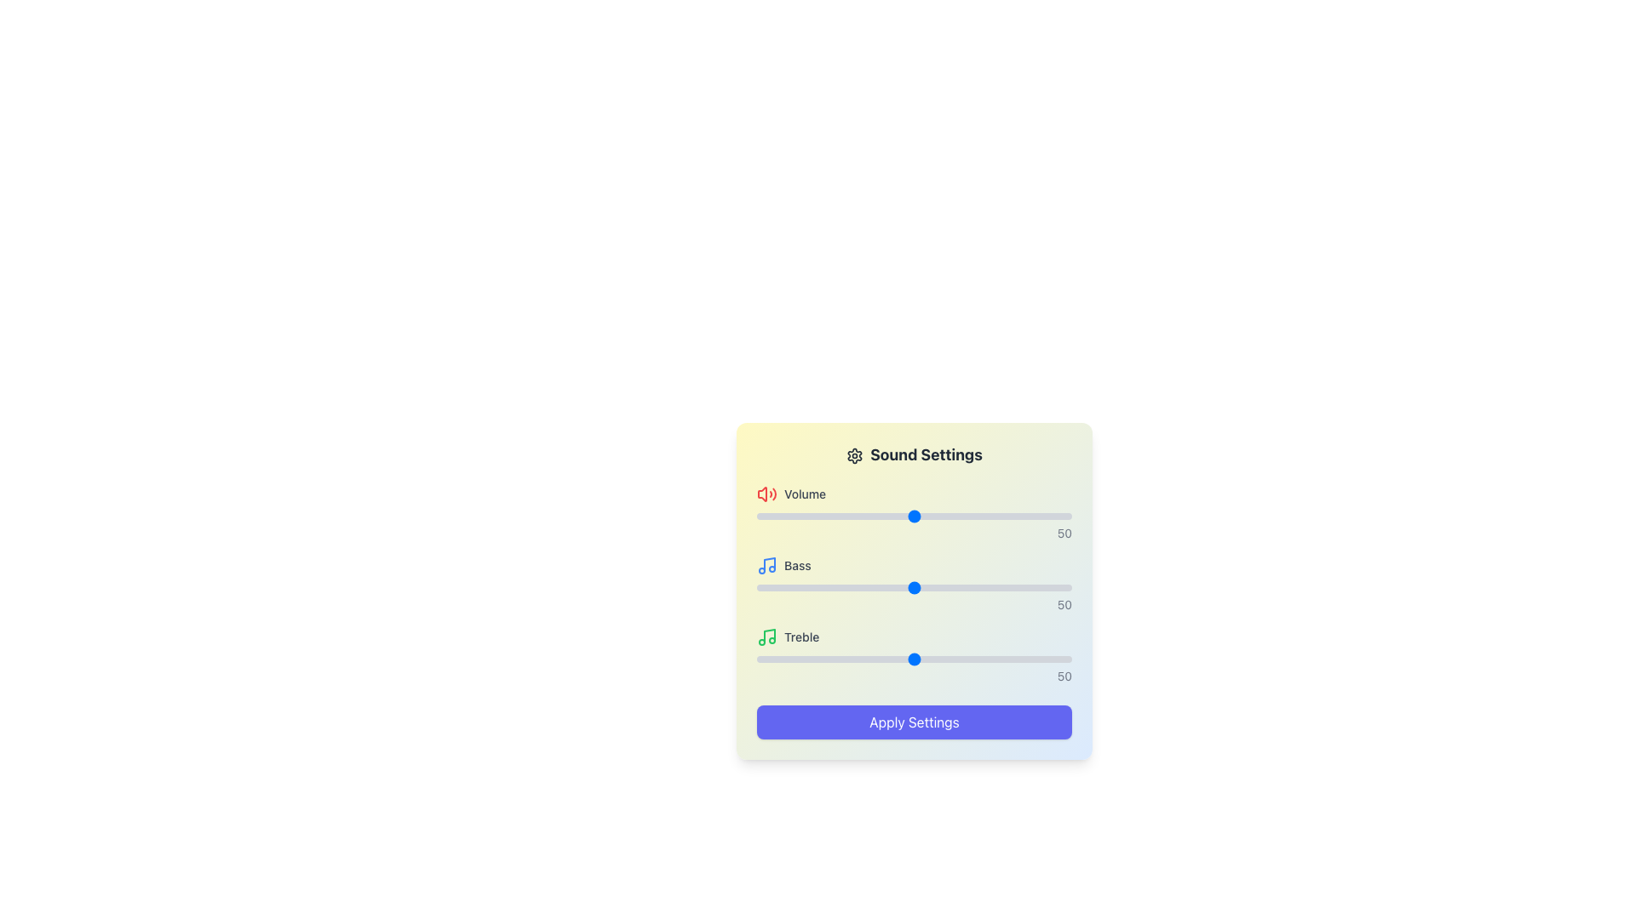 The image size is (1635, 919). What do you see at coordinates (971, 515) in the screenshot?
I see `the volume` at bounding box center [971, 515].